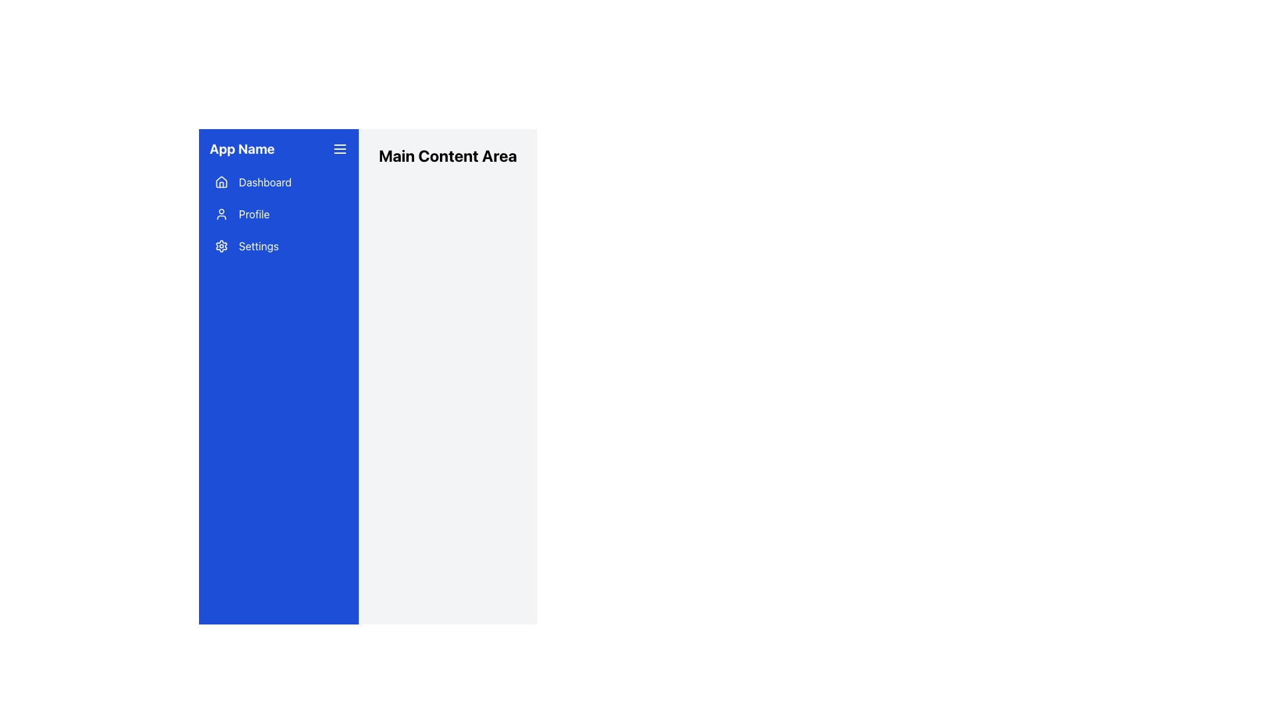 The width and height of the screenshot is (1278, 719). What do you see at coordinates (221, 182) in the screenshot?
I see `the house icon in the left navigation bar associated with the 'Dashboard' label` at bounding box center [221, 182].